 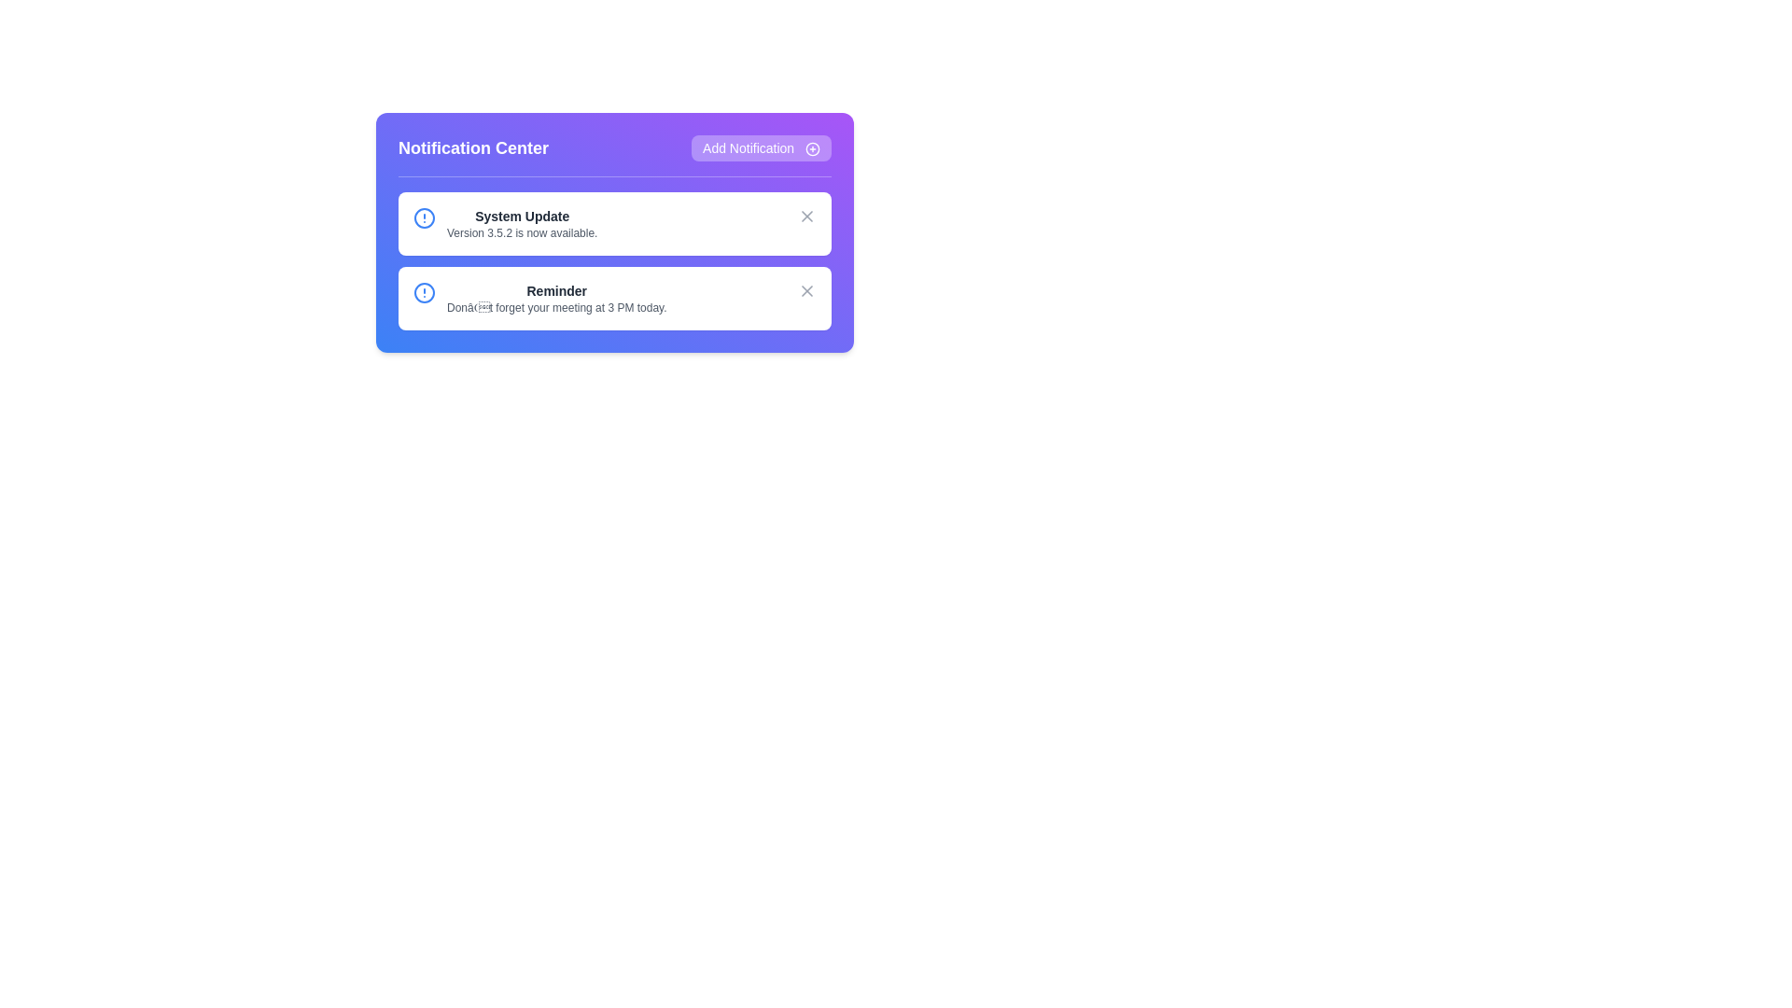 What do you see at coordinates (555, 298) in the screenshot?
I see `the text of the 'Reminder' notification that reads 'Don’t forget your meeting at 3 PM today.'` at bounding box center [555, 298].